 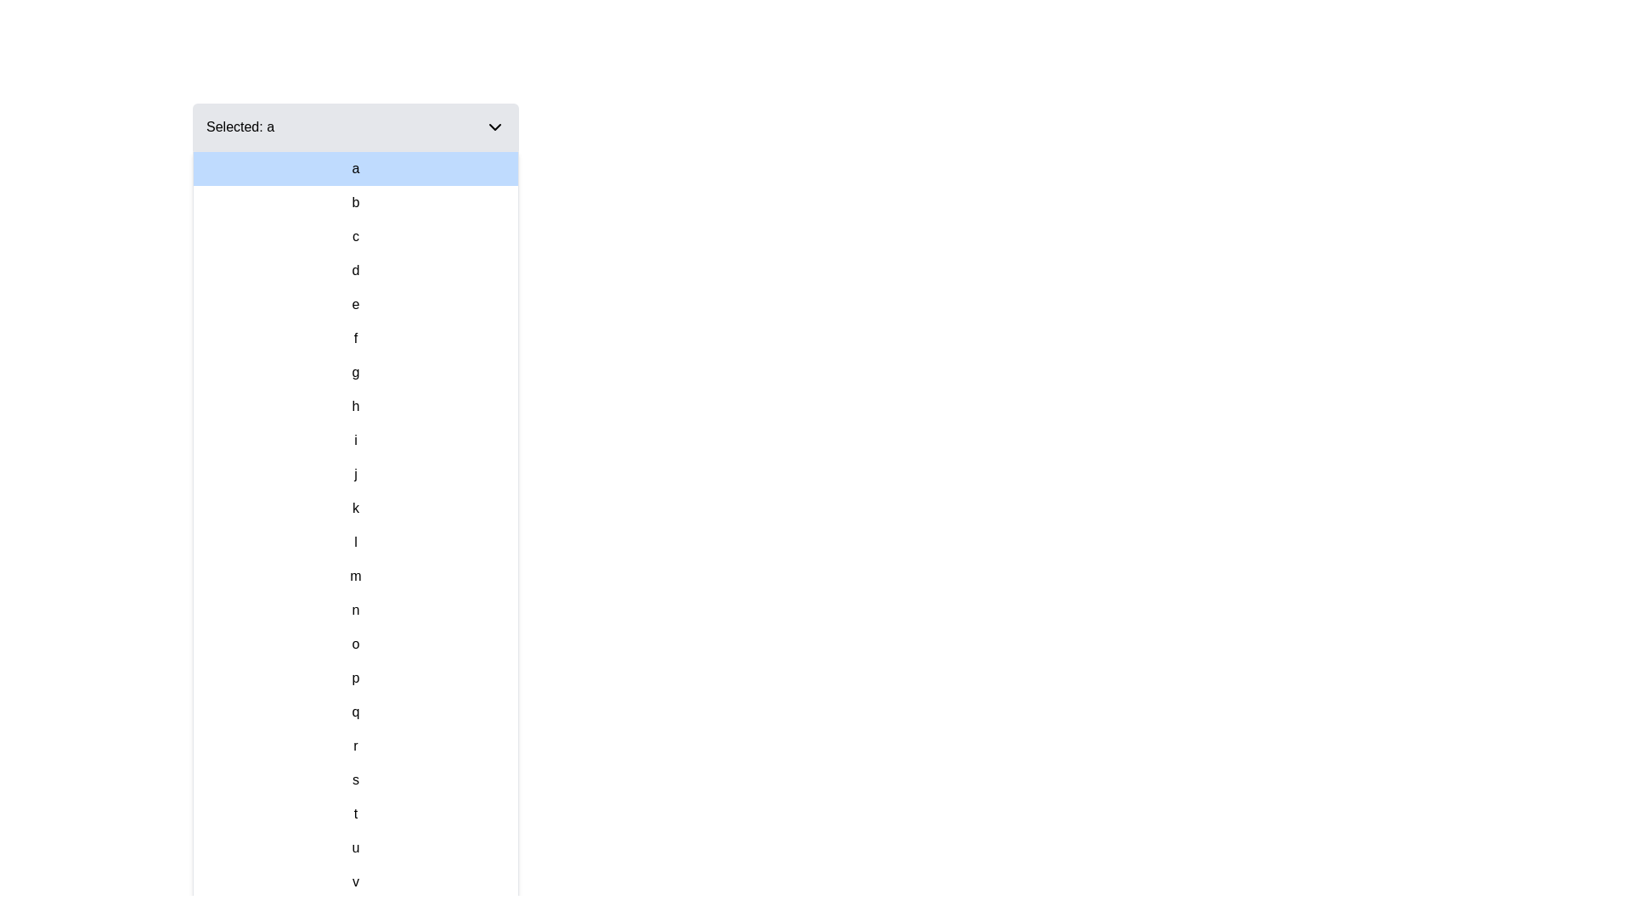 I want to click on to select the letter 'h' from the vertical list of letters, specifically the 8th item located between 'g' and 'i', so click(x=354, y=406).